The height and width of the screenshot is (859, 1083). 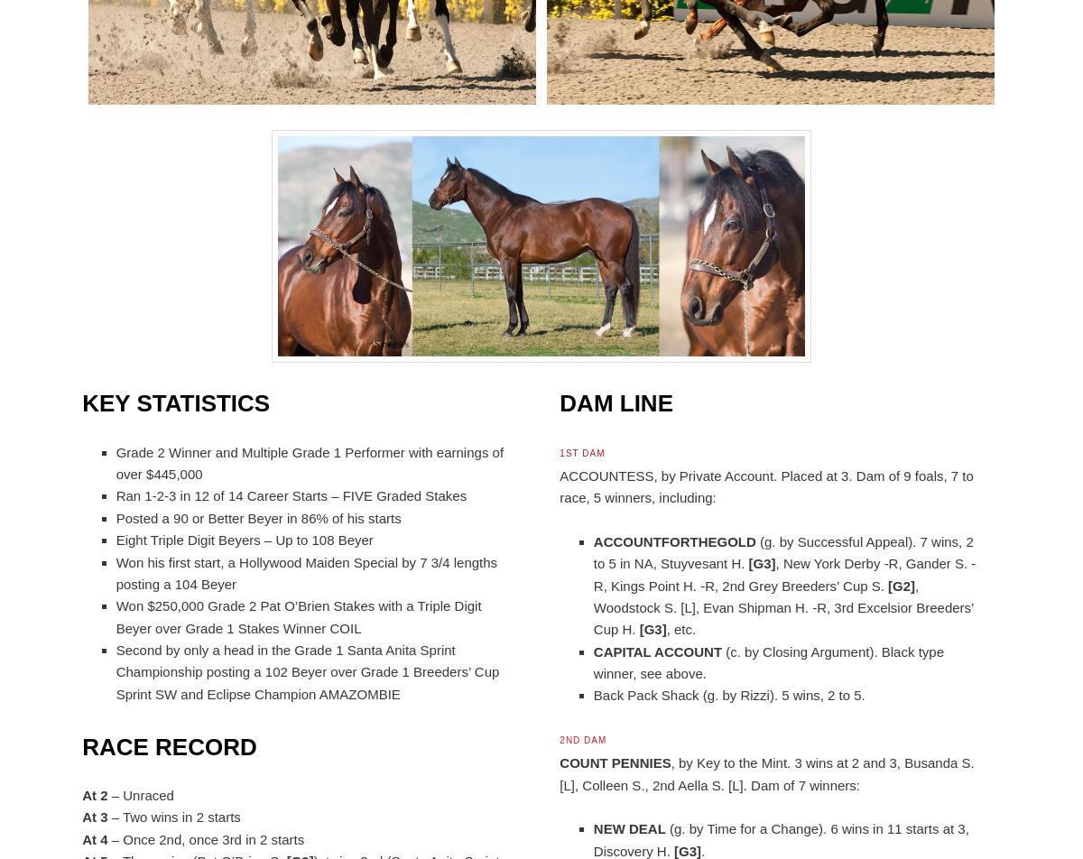 What do you see at coordinates (628, 828) in the screenshot?
I see `'NEW DEAL'` at bounding box center [628, 828].